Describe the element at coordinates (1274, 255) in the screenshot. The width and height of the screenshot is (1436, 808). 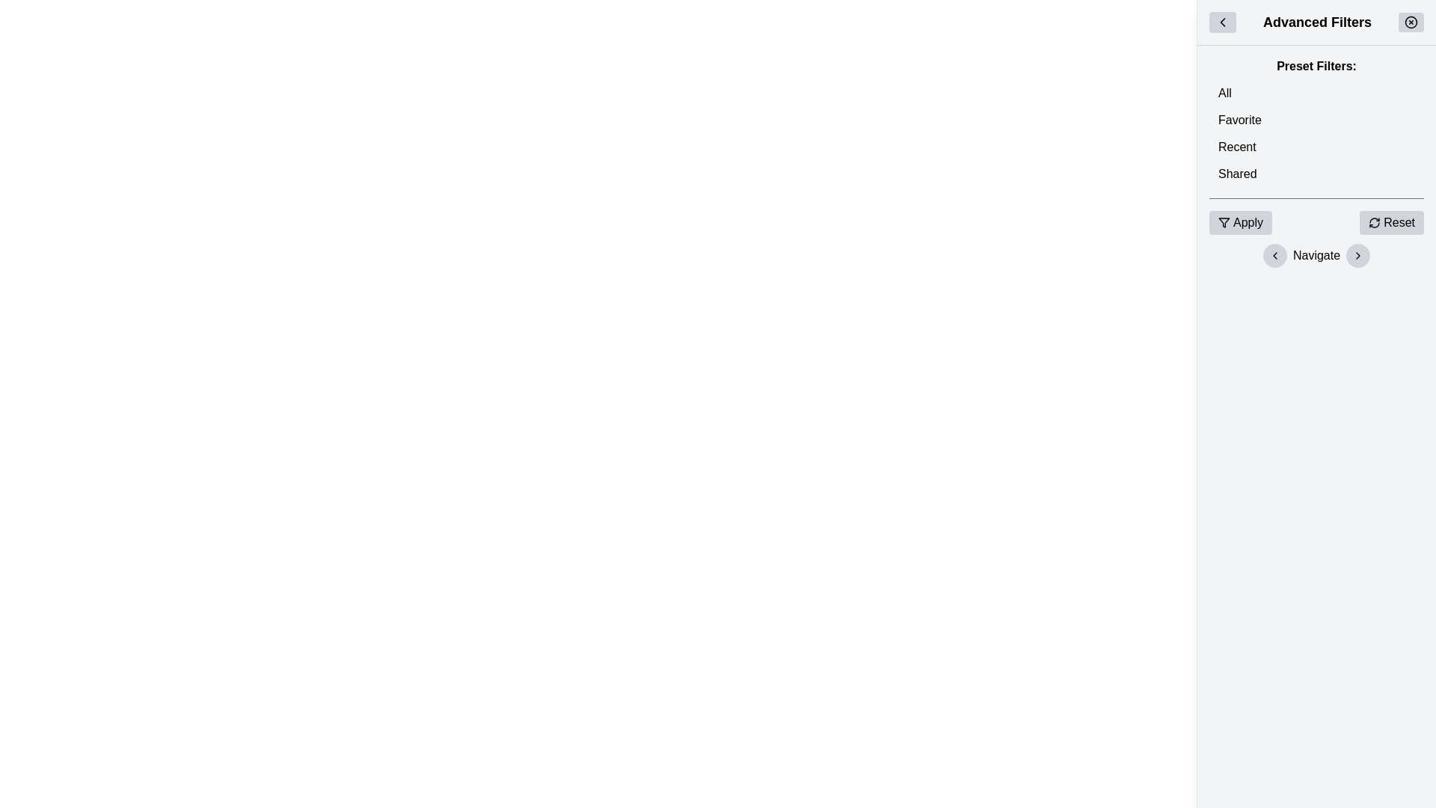
I see `the circular button with a leftward-pointing chevron located in the 'Navigate' group` at that location.